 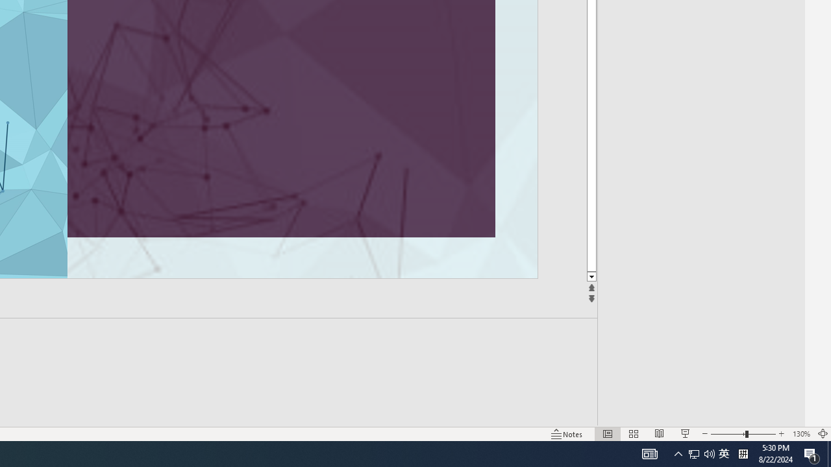 I want to click on 'Zoom Out', so click(x=728, y=434).